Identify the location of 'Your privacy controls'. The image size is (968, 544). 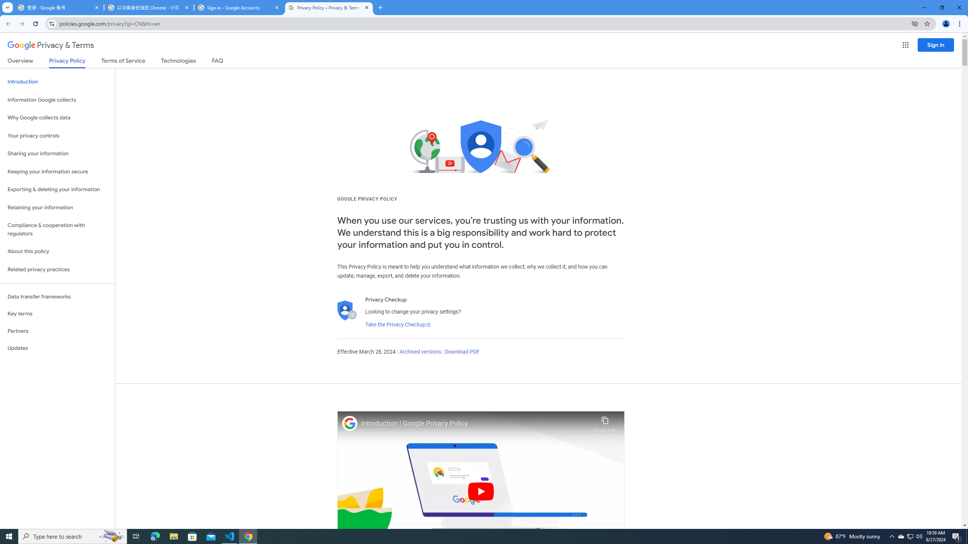
(57, 136).